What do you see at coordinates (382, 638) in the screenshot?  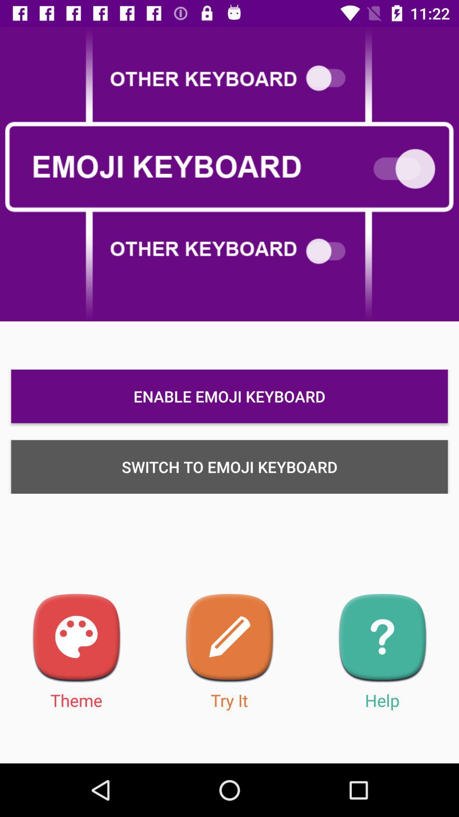 I see `the help icon` at bounding box center [382, 638].